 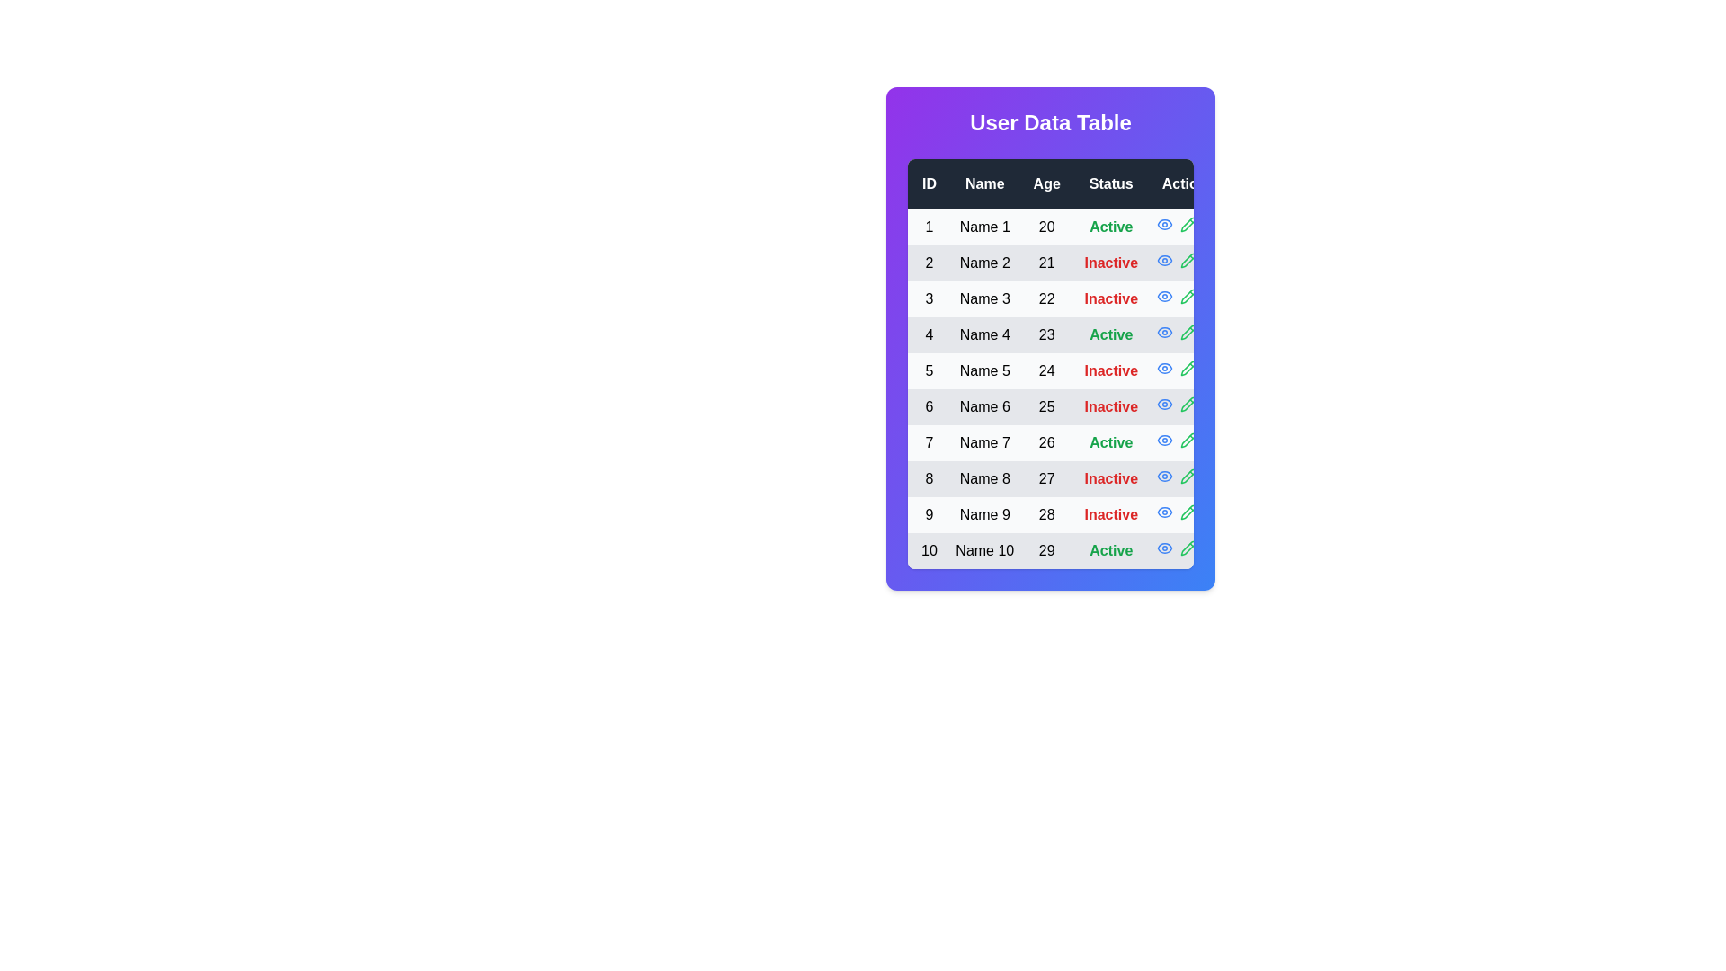 I want to click on the header Status to sort the table by that column, so click(x=1110, y=183).